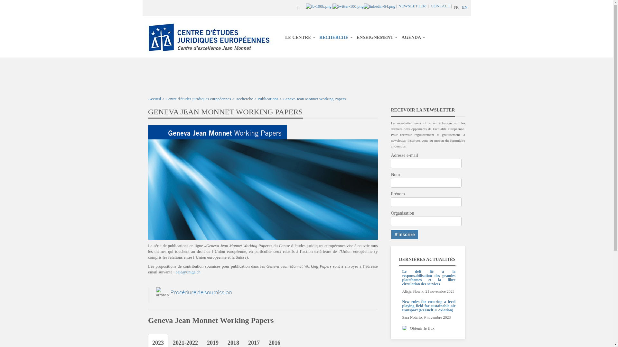 The width and height of the screenshot is (618, 347). What do you see at coordinates (379, 6) in the screenshot?
I see `'Linkedin'` at bounding box center [379, 6].